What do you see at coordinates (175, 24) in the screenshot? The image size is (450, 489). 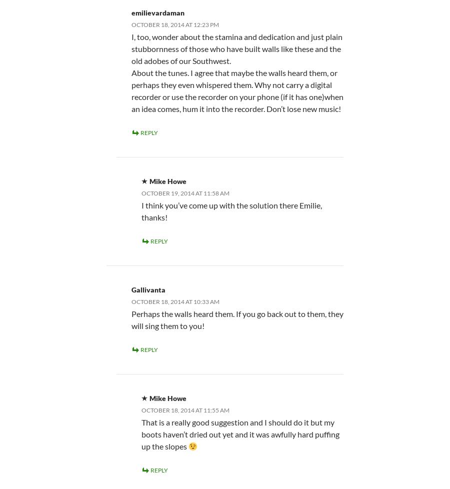 I see `'October 18, 2014 at 12:23 pm'` at bounding box center [175, 24].